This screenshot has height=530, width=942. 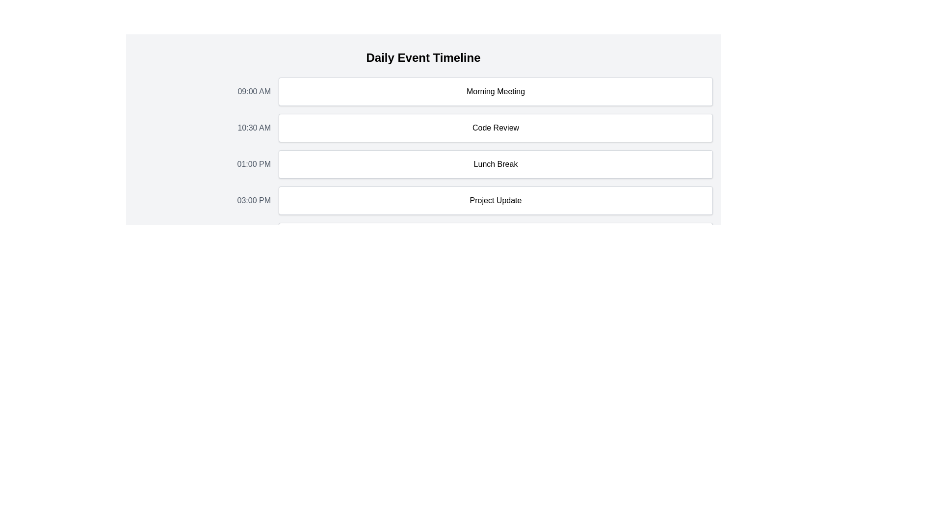 What do you see at coordinates (423, 91) in the screenshot?
I see `the time '09:00 AM'` at bounding box center [423, 91].